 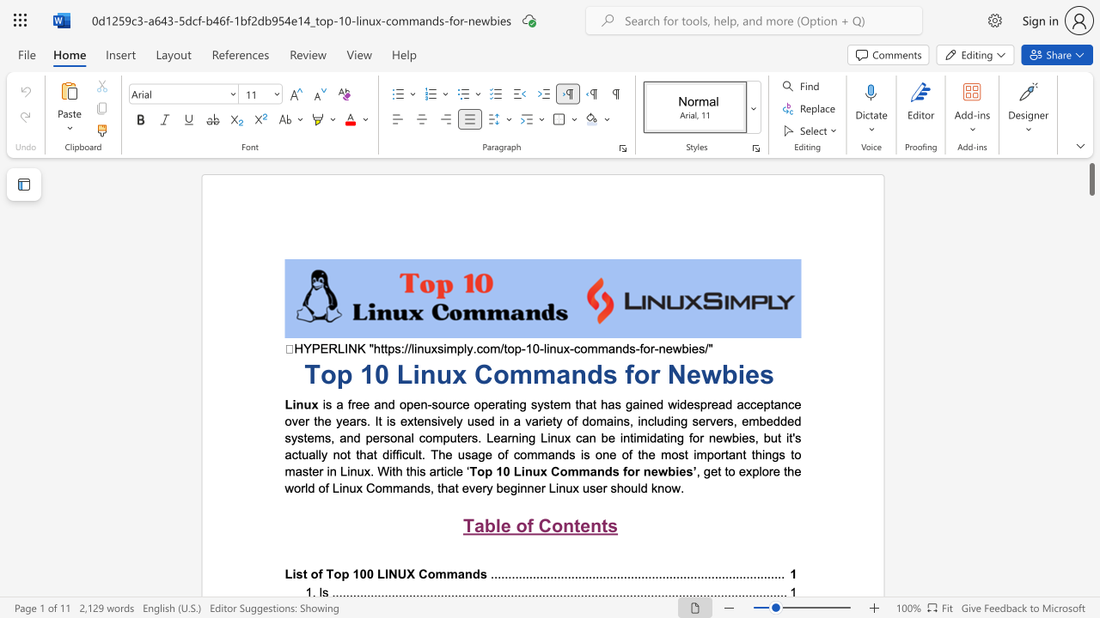 What do you see at coordinates (574, 524) in the screenshot?
I see `the subset text "tents" within the text "Table of Contents"` at bounding box center [574, 524].